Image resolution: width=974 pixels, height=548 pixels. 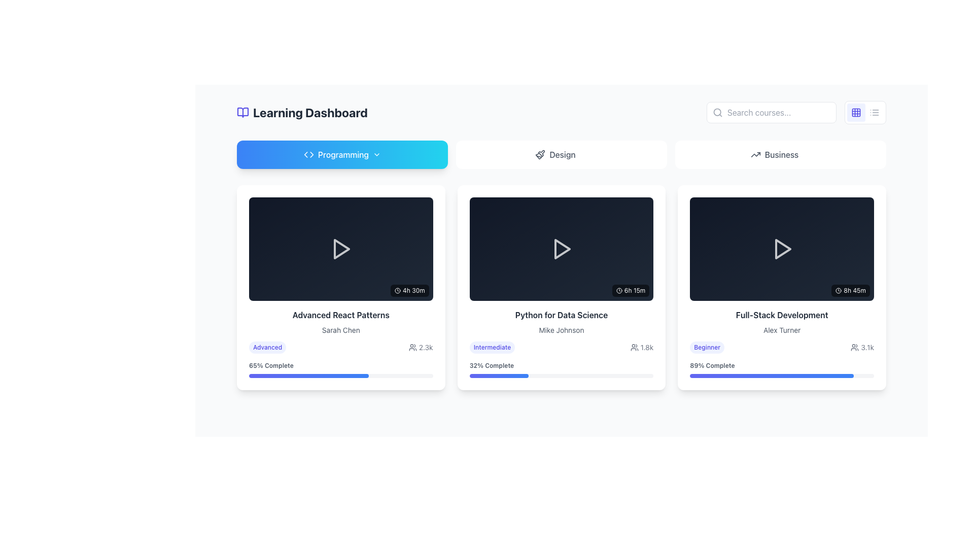 What do you see at coordinates (561, 249) in the screenshot?
I see `the triangular play icon button located centrally within the dark rectangle of the 'Python for Data Science' card on the dashboard` at bounding box center [561, 249].